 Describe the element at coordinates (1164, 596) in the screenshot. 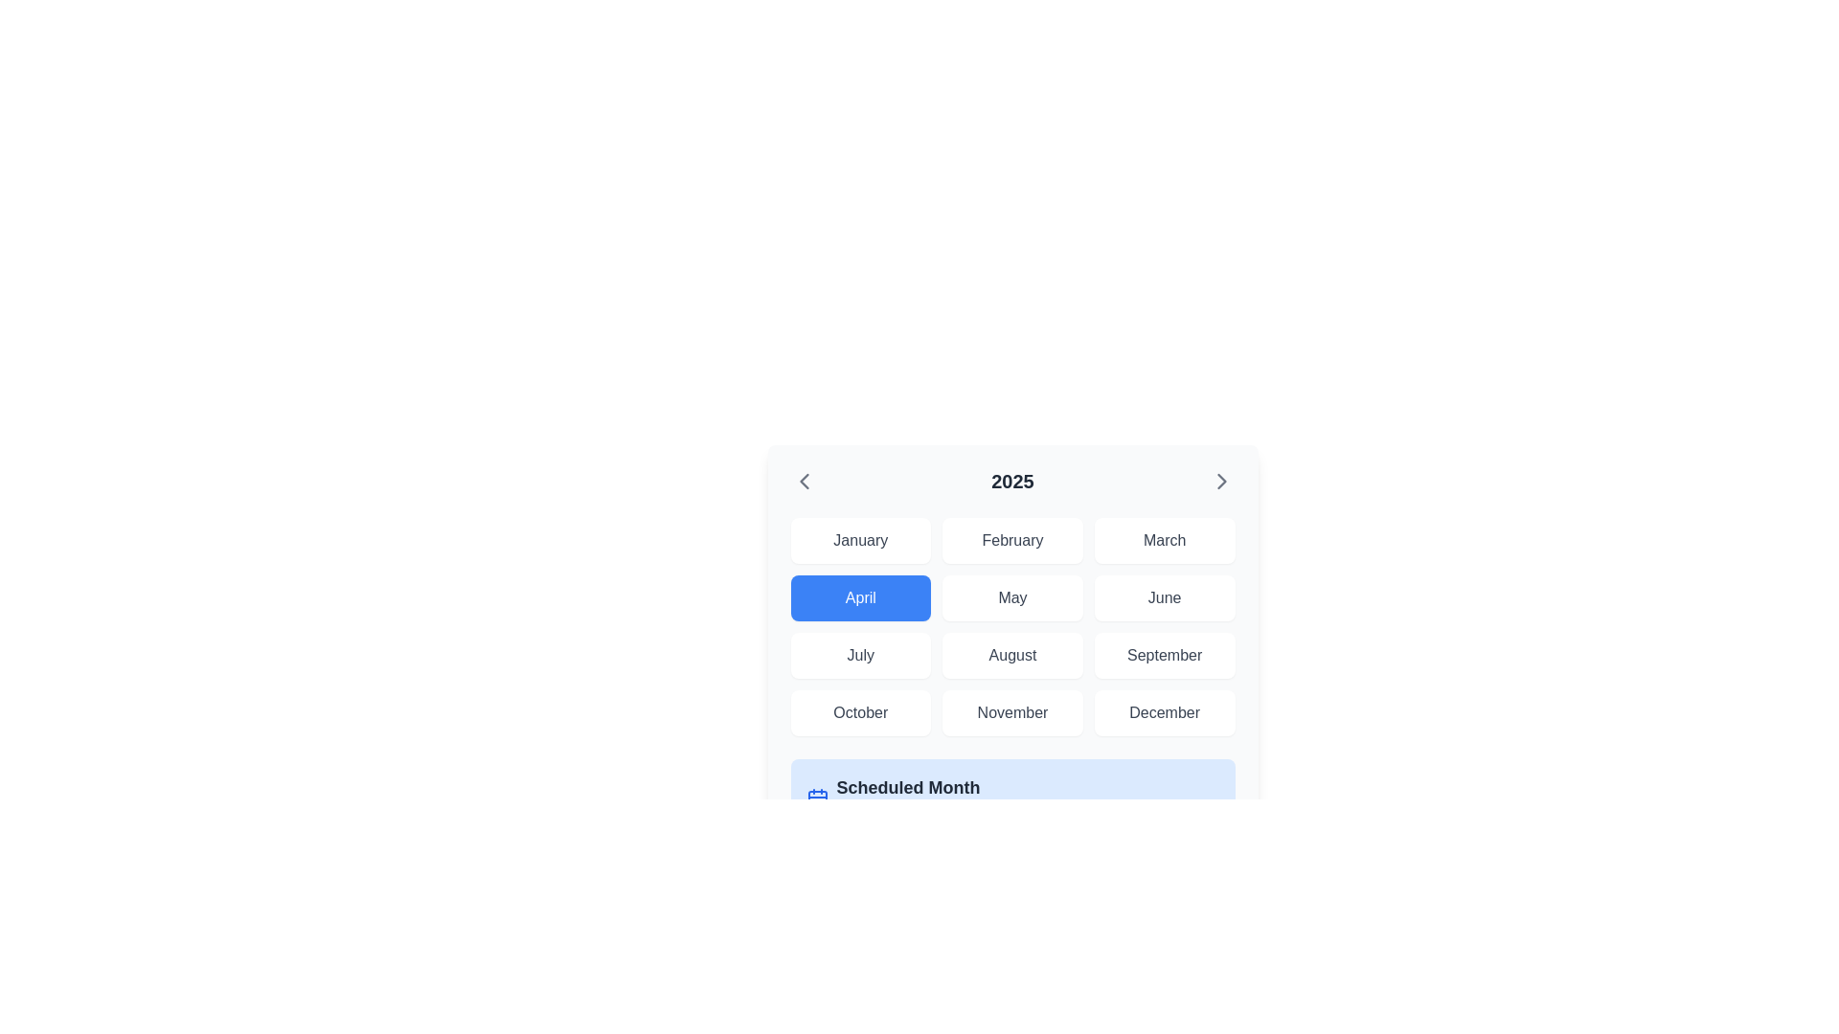

I see `the button-like element displaying the text 'June', which is styled as a selectable block with rounded corners and a white background` at that location.